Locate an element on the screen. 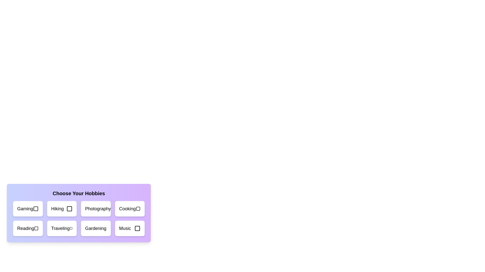 The width and height of the screenshot is (485, 272). the hobby card labeled 'Gardening' is located at coordinates (96, 228).